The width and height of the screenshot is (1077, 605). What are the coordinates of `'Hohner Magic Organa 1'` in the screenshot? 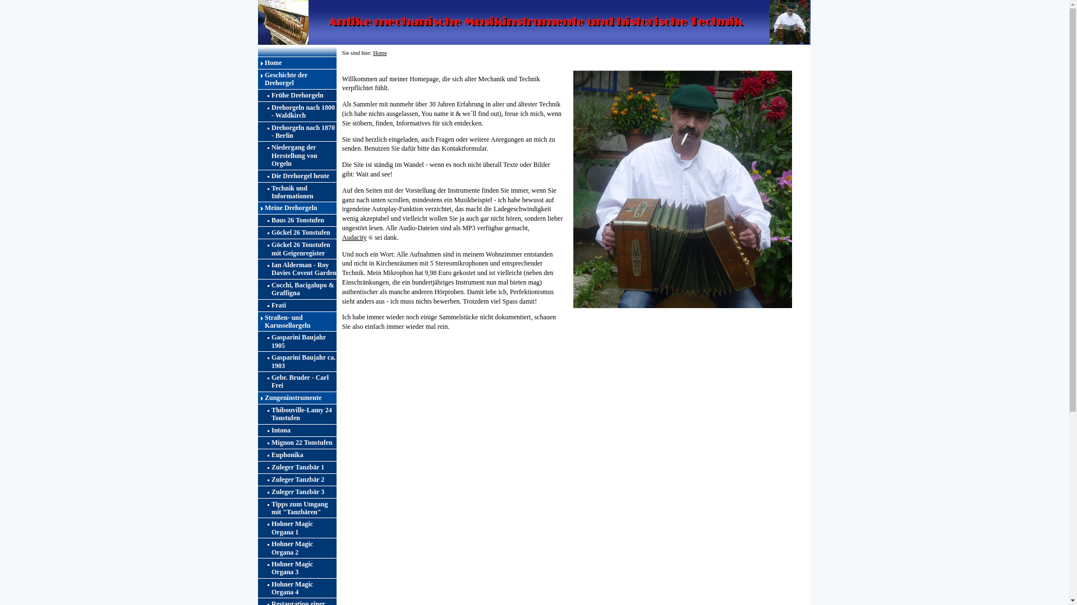 It's located at (297, 528).